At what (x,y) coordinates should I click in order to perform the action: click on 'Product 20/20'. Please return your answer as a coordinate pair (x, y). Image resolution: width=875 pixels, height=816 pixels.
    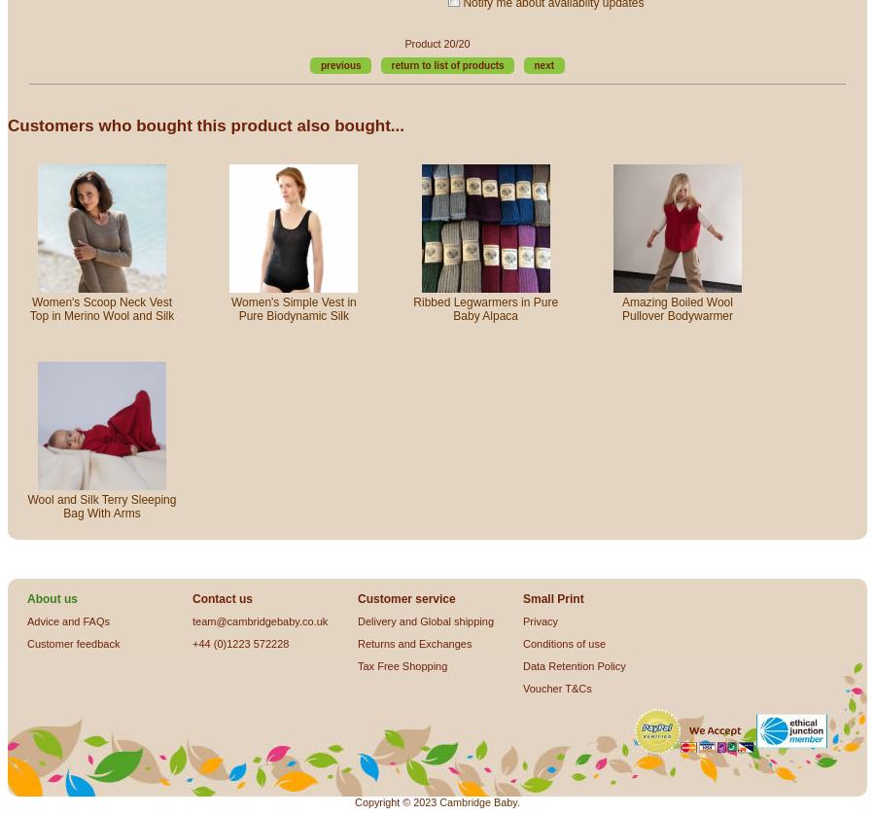
    Looking at the image, I should click on (437, 42).